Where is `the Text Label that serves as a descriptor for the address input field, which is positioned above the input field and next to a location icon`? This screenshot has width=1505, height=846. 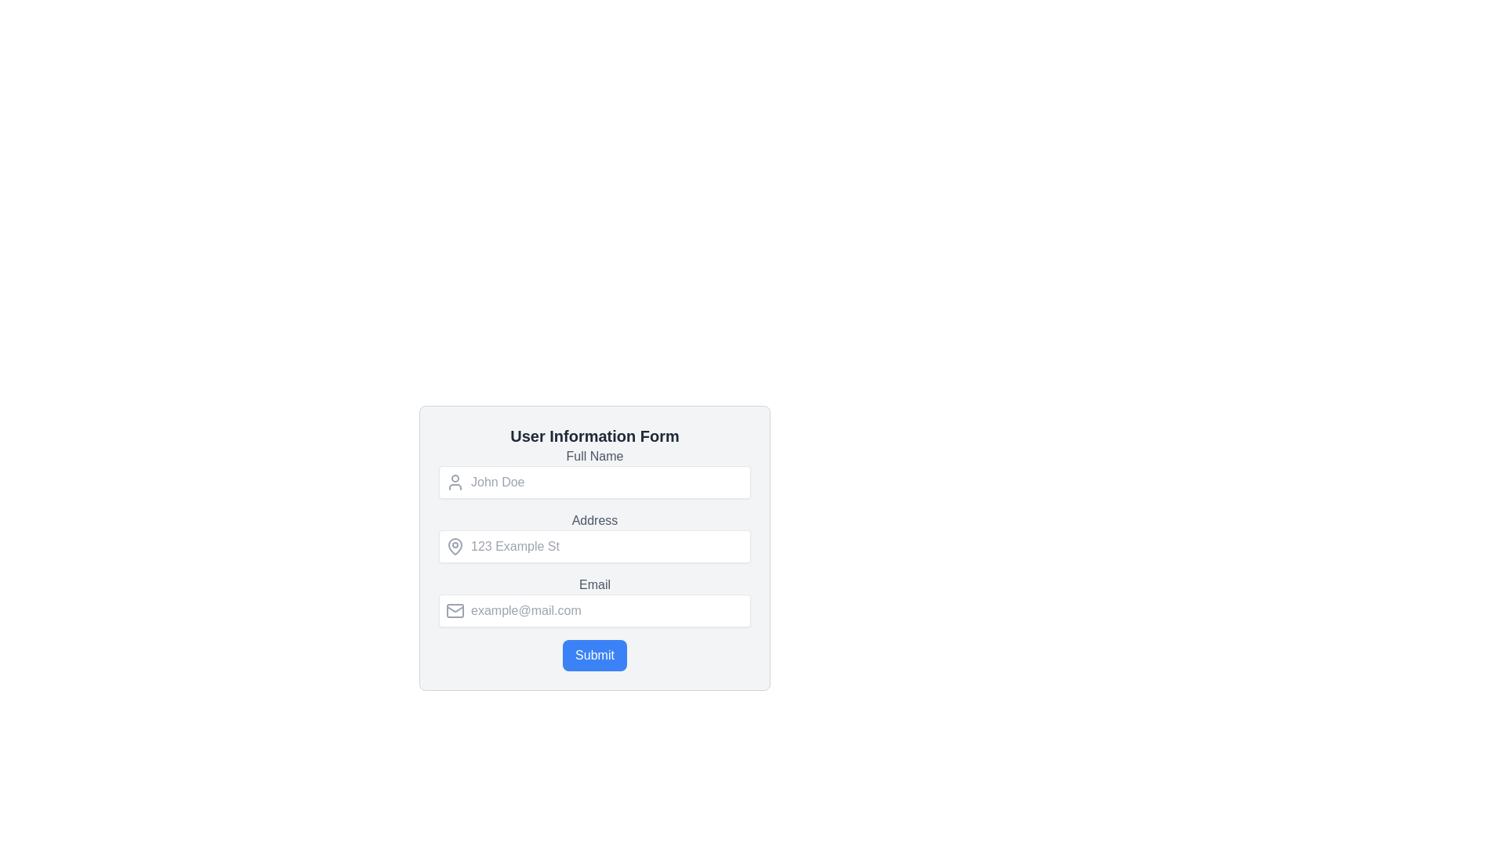
the Text Label that serves as a descriptor for the address input field, which is positioned above the input field and next to a location icon is located at coordinates (593, 520).